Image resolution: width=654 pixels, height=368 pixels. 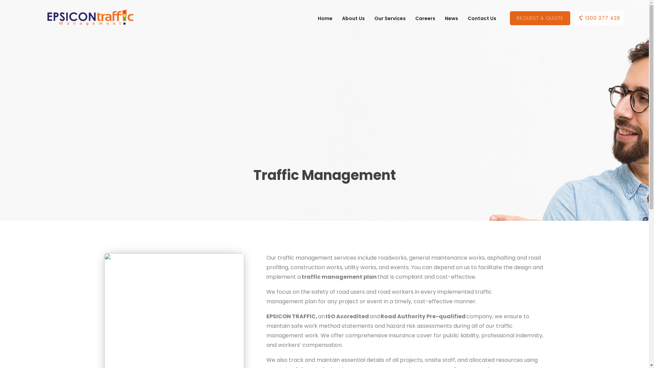 I want to click on 'REQUEST A QUOTE', so click(x=540, y=18).